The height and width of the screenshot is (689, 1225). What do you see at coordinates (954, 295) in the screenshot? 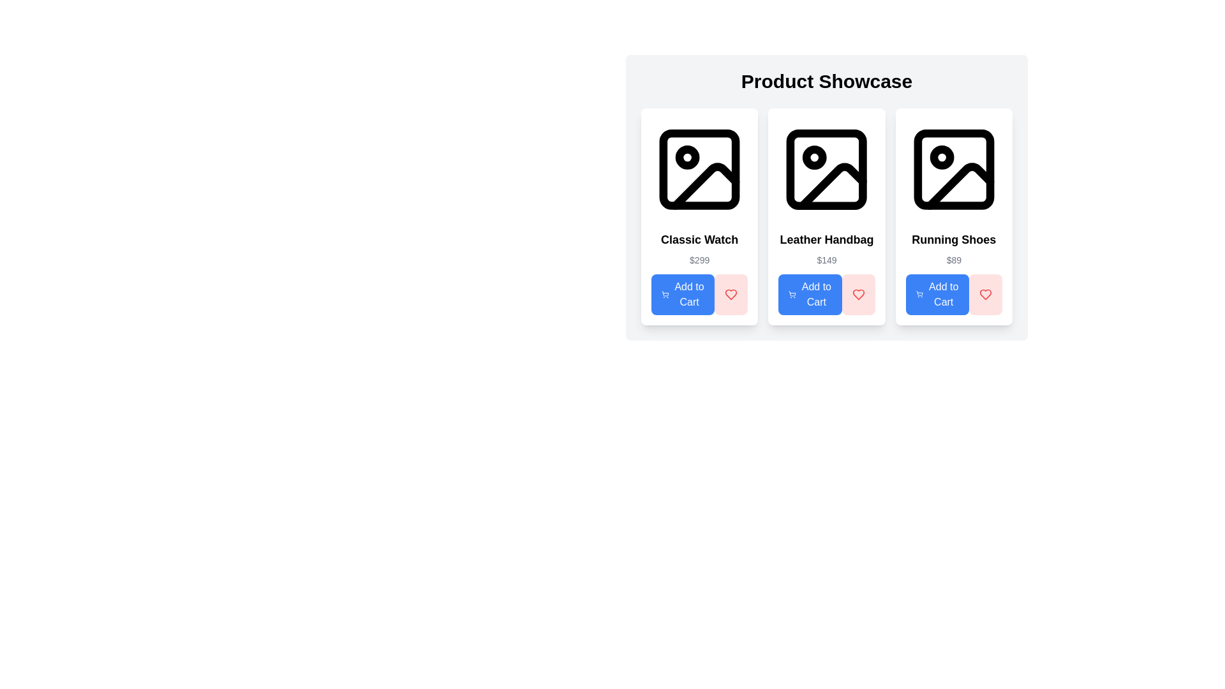
I see `the 'Add to Cart' button with a blue background and shopping cart icon located at the lower part of the 'Running Shoes' product card` at bounding box center [954, 295].